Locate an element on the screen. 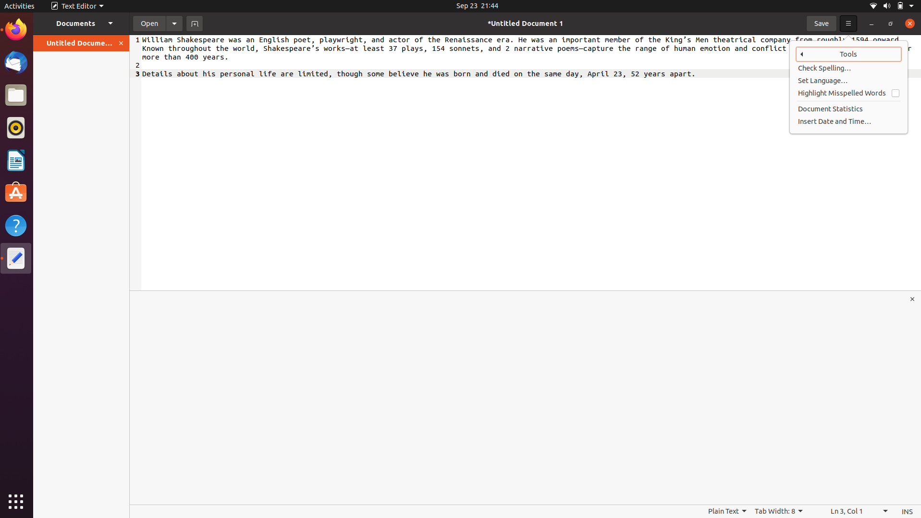  Expand the editor is located at coordinates (913, 299).